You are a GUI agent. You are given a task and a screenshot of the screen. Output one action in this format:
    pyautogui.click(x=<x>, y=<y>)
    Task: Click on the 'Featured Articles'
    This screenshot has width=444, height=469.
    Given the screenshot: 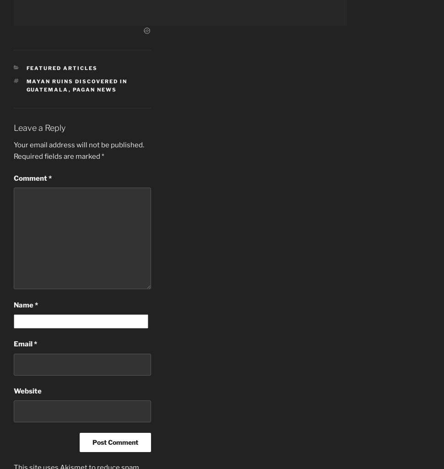 What is the action you would take?
    pyautogui.click(x=62, y=67)
    